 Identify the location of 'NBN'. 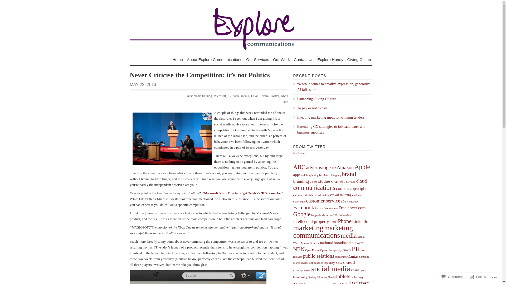
(299, 249).